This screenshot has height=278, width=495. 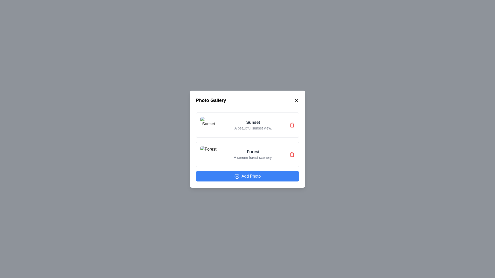 What do you see at coordinates (296, 100) in the screenshot?
I see `the close button located in the top-right corner of the 'Photo Gallery' modal header` at bounding box center [296, 100].